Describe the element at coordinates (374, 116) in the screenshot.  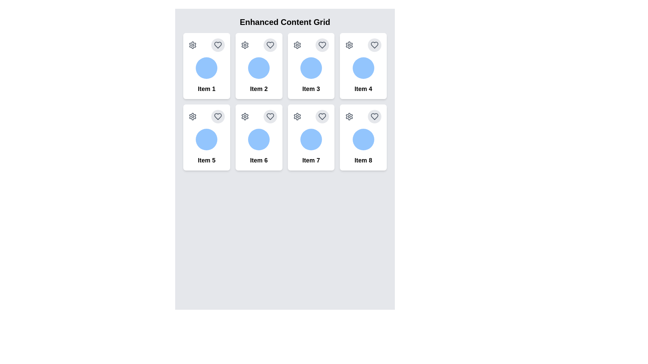
I see `the heart-shaped SVG vector icon located in the top-right corner of the card labeled 'Item 8' to mark the associated content as liked or favorited` at that location.